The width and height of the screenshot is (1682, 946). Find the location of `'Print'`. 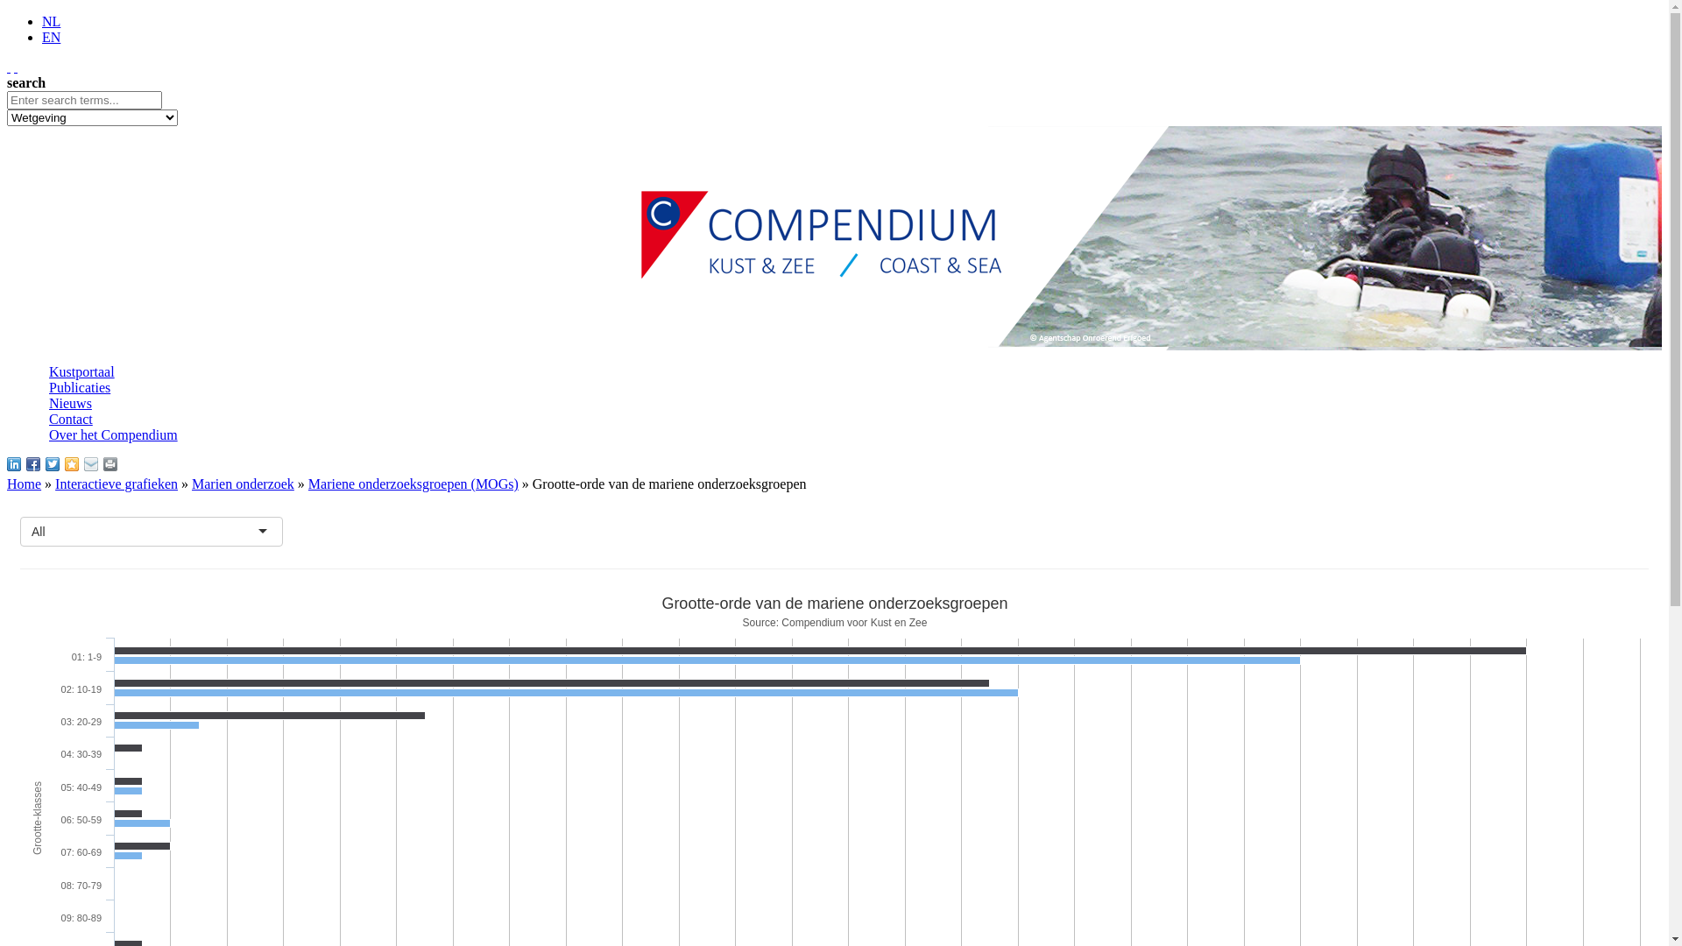

'Print' is located at coordinates (102, 462).